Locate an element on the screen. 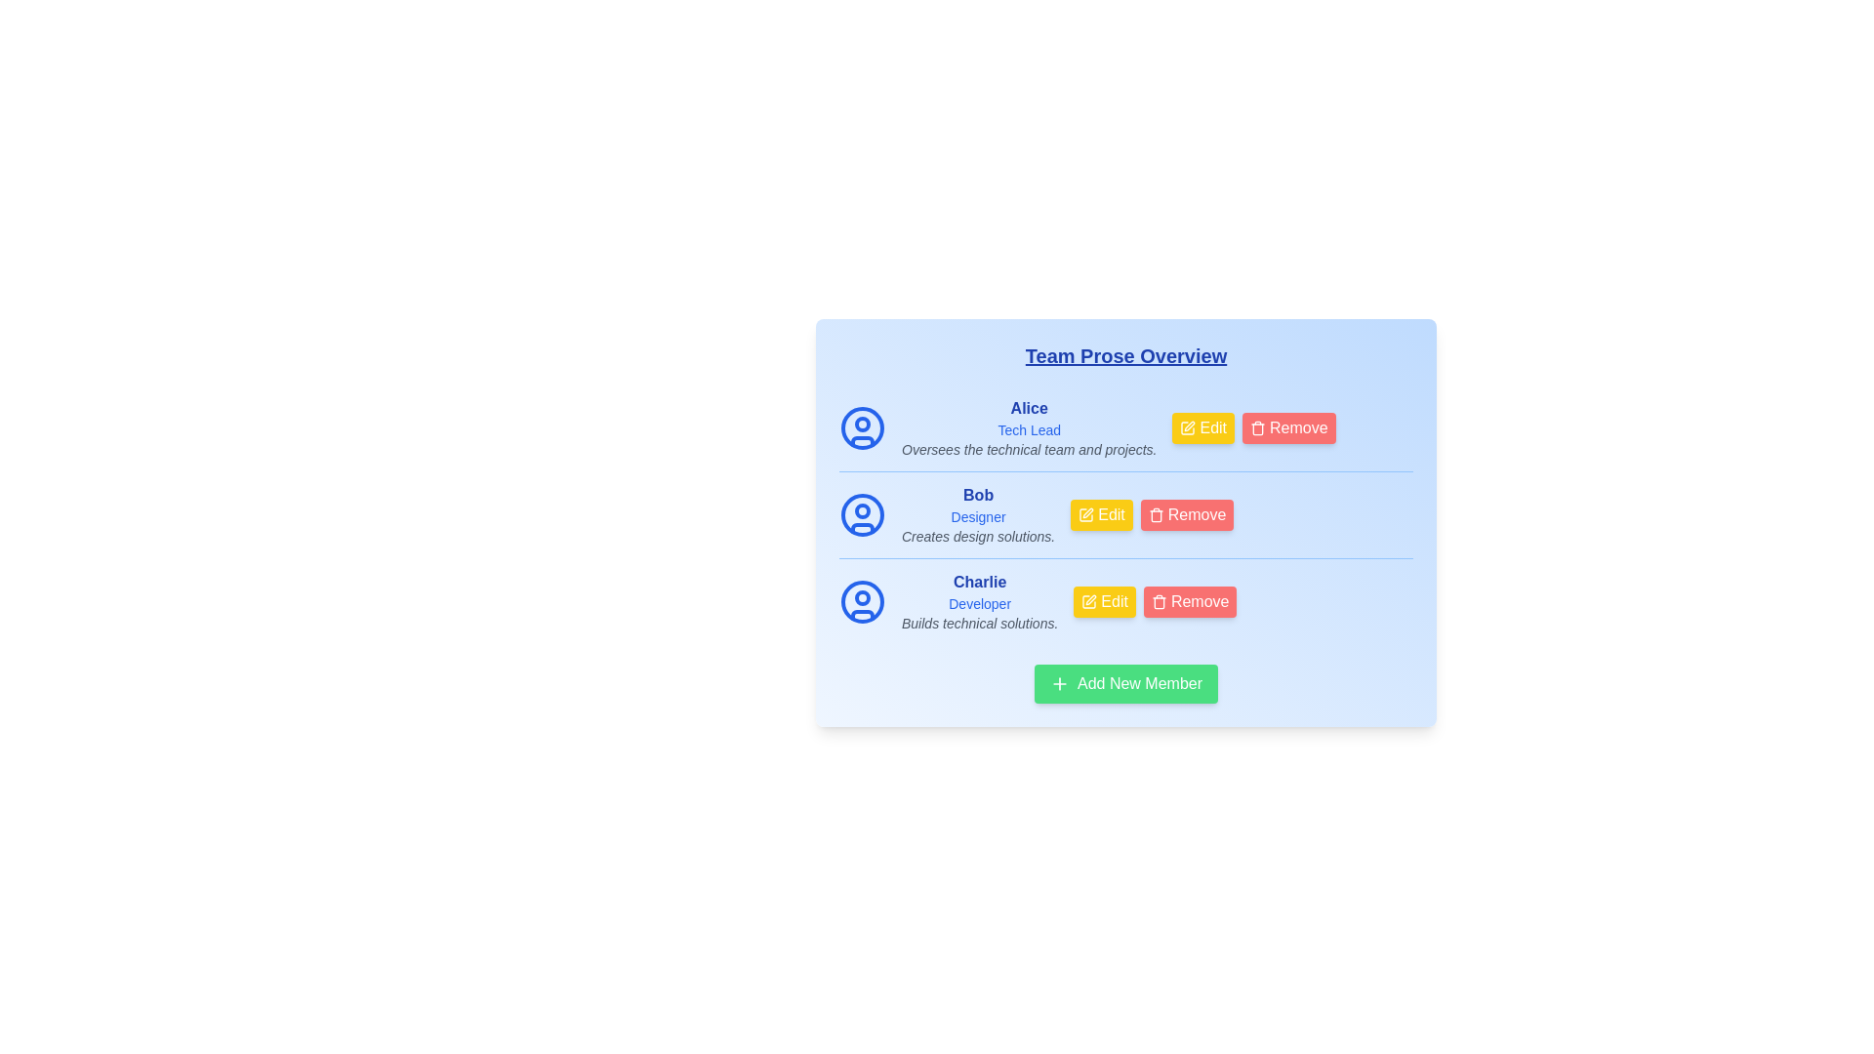 This screenshot has height=1054, width=1874. the text label element displaying 'Designer' in blue, located below the name 'Bob' in the second team member card is located at coordinates (978, 515).